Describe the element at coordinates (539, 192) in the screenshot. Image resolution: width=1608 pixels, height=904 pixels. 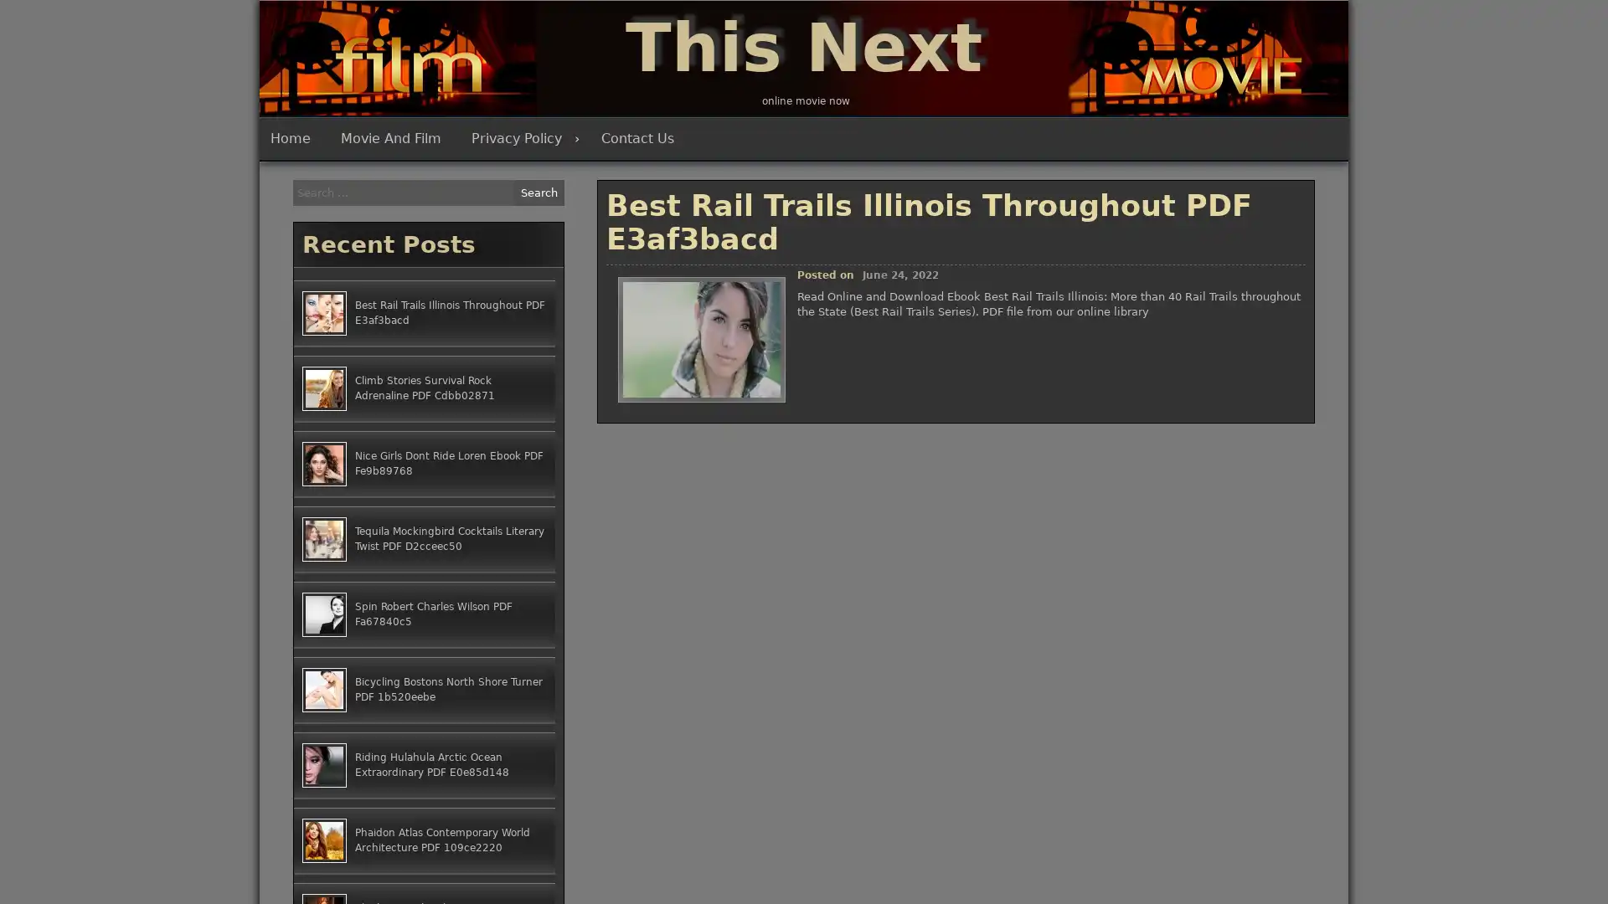
I see `Search` at that location.